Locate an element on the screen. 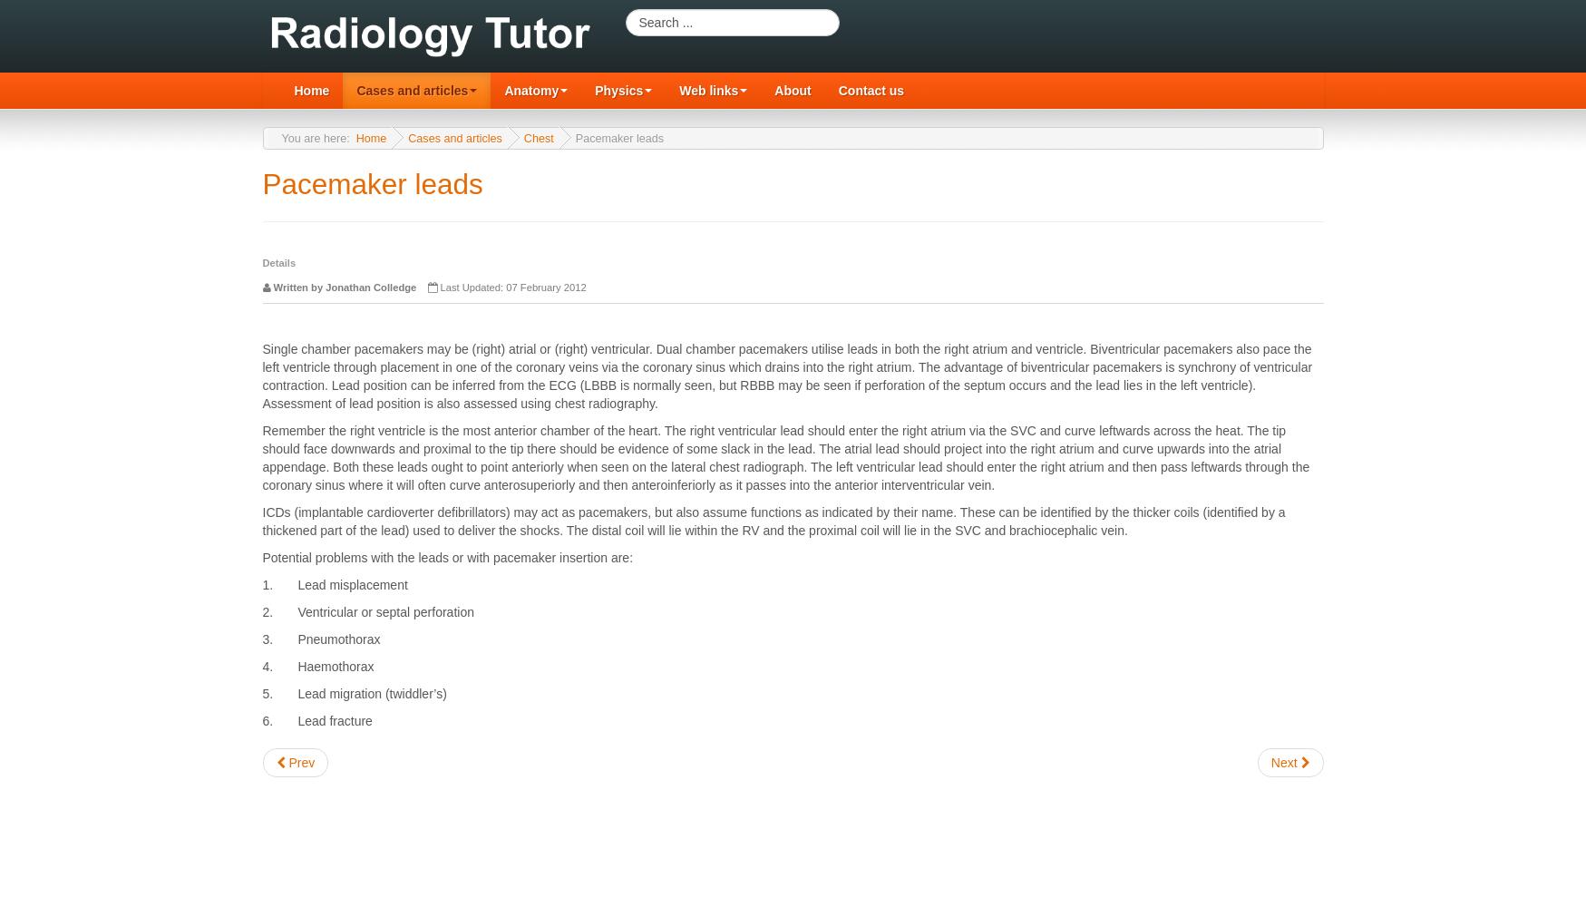  '1.       Lead misplacement' is located at coordinates (335, 585).